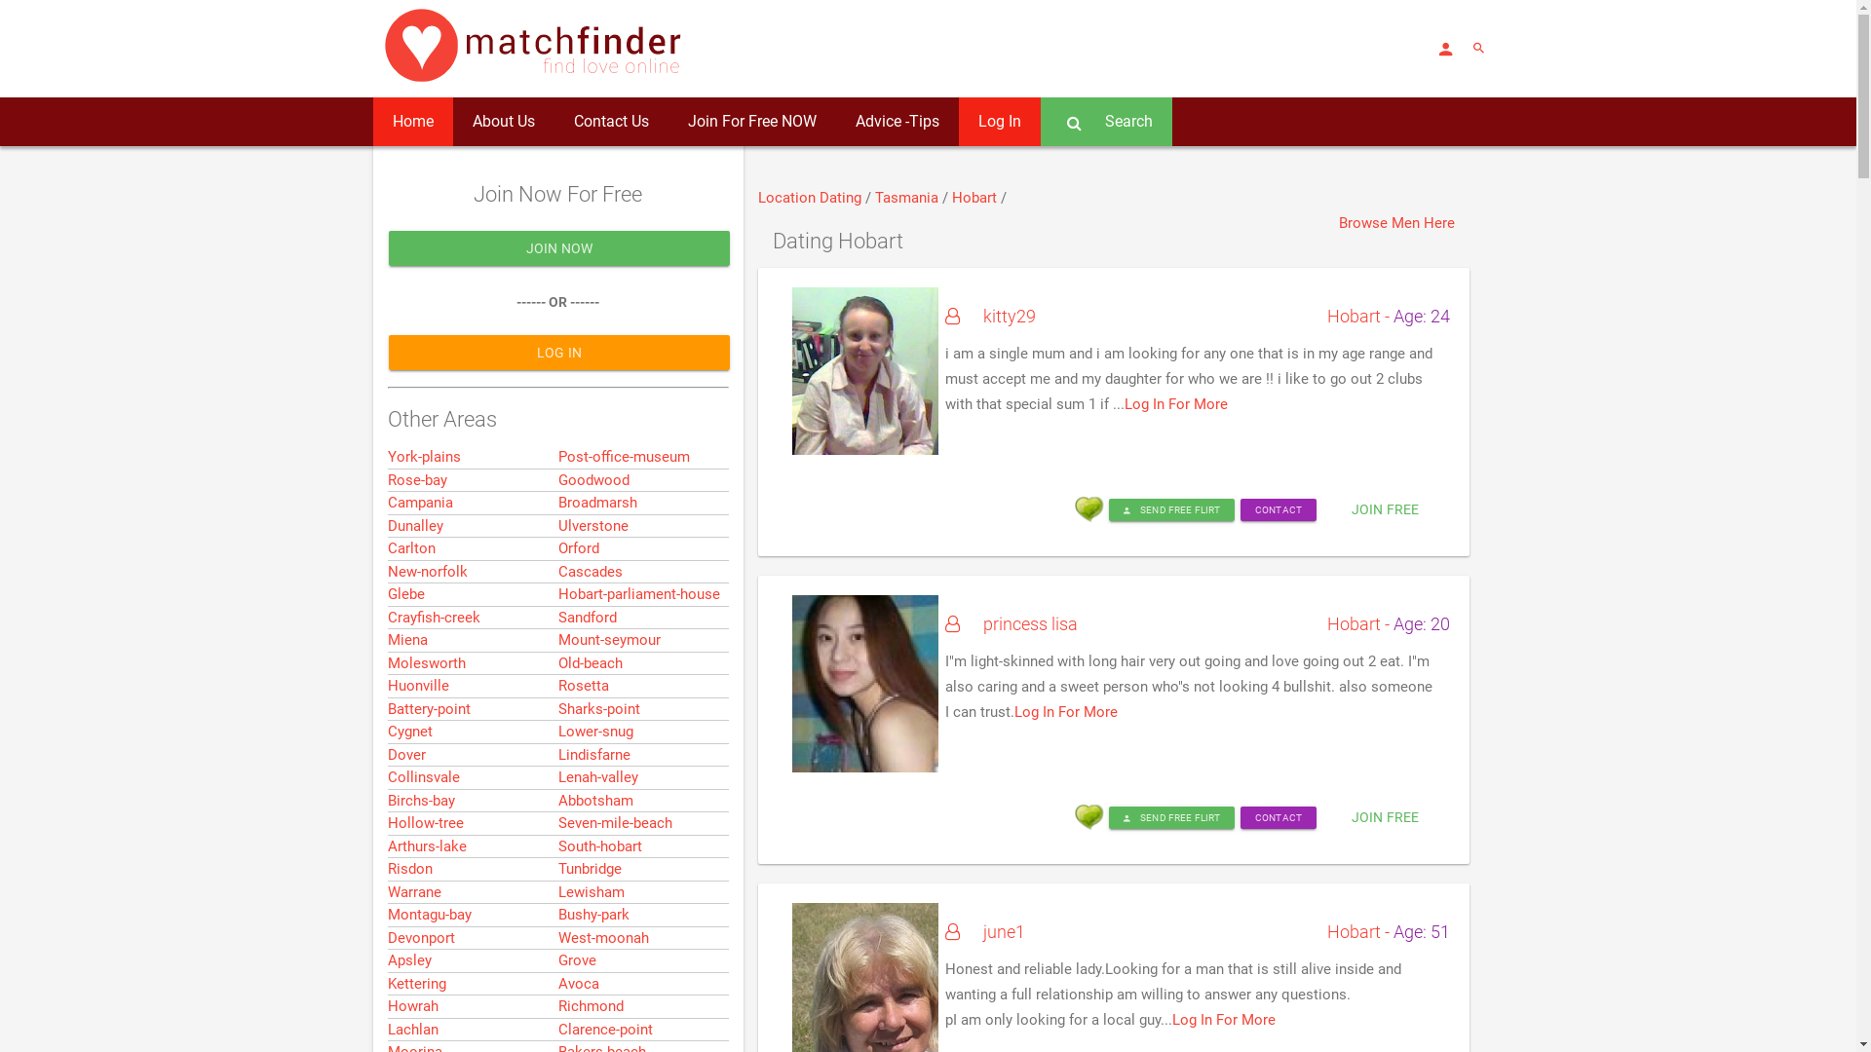 This screenshot has width=1871, height=1052. I want to click on 'Grove', so click(575, 959).